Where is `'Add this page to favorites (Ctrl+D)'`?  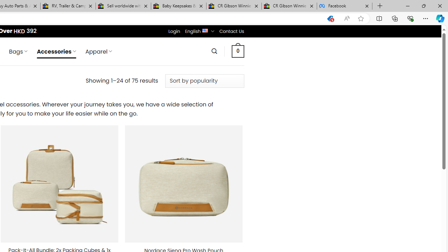
'Add this page to favorites (Ctrl+D)' is located at coordinates (361, 18).